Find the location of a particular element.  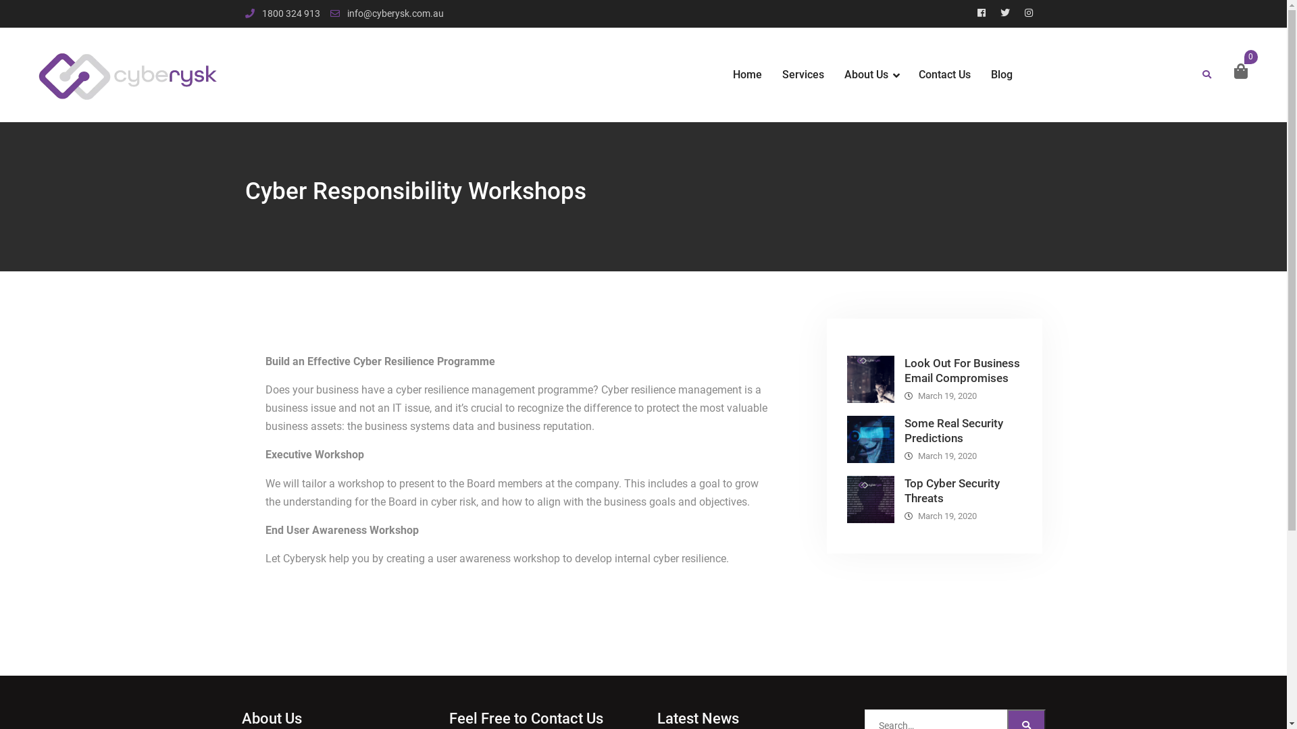

'Facebook' is located at coordinates (982, 13).